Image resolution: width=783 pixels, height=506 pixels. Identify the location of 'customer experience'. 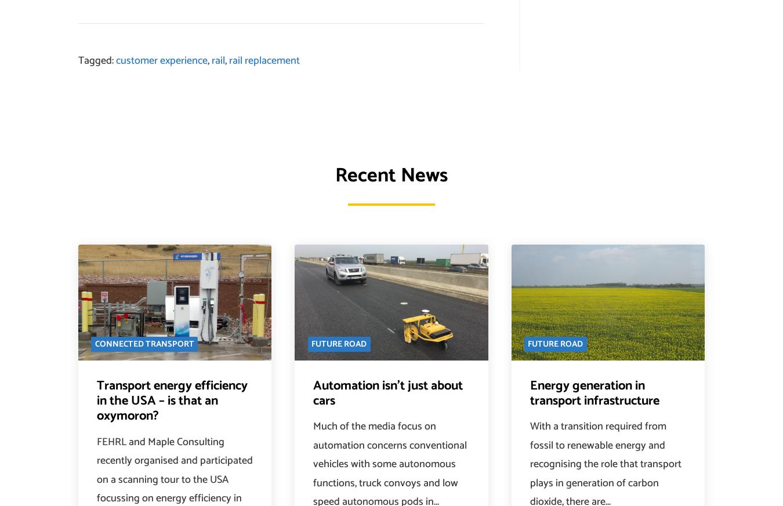
(115, 61).